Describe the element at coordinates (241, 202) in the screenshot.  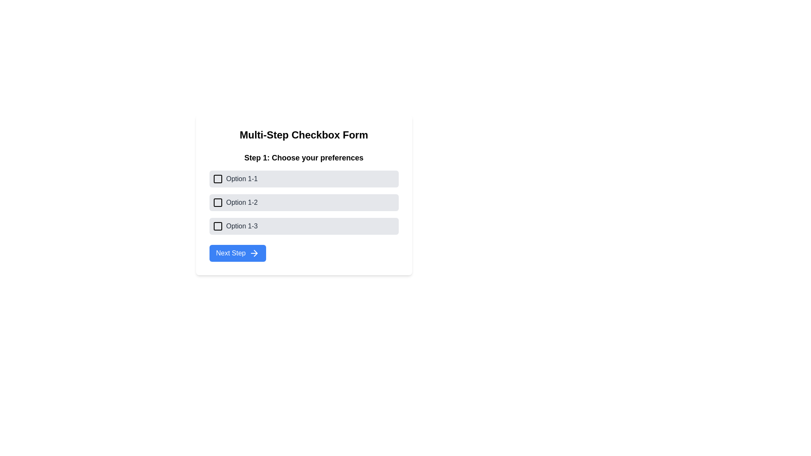
I see `the text label for the second selectable option in the 'Step 1: Choose your preferences' section` at that location.